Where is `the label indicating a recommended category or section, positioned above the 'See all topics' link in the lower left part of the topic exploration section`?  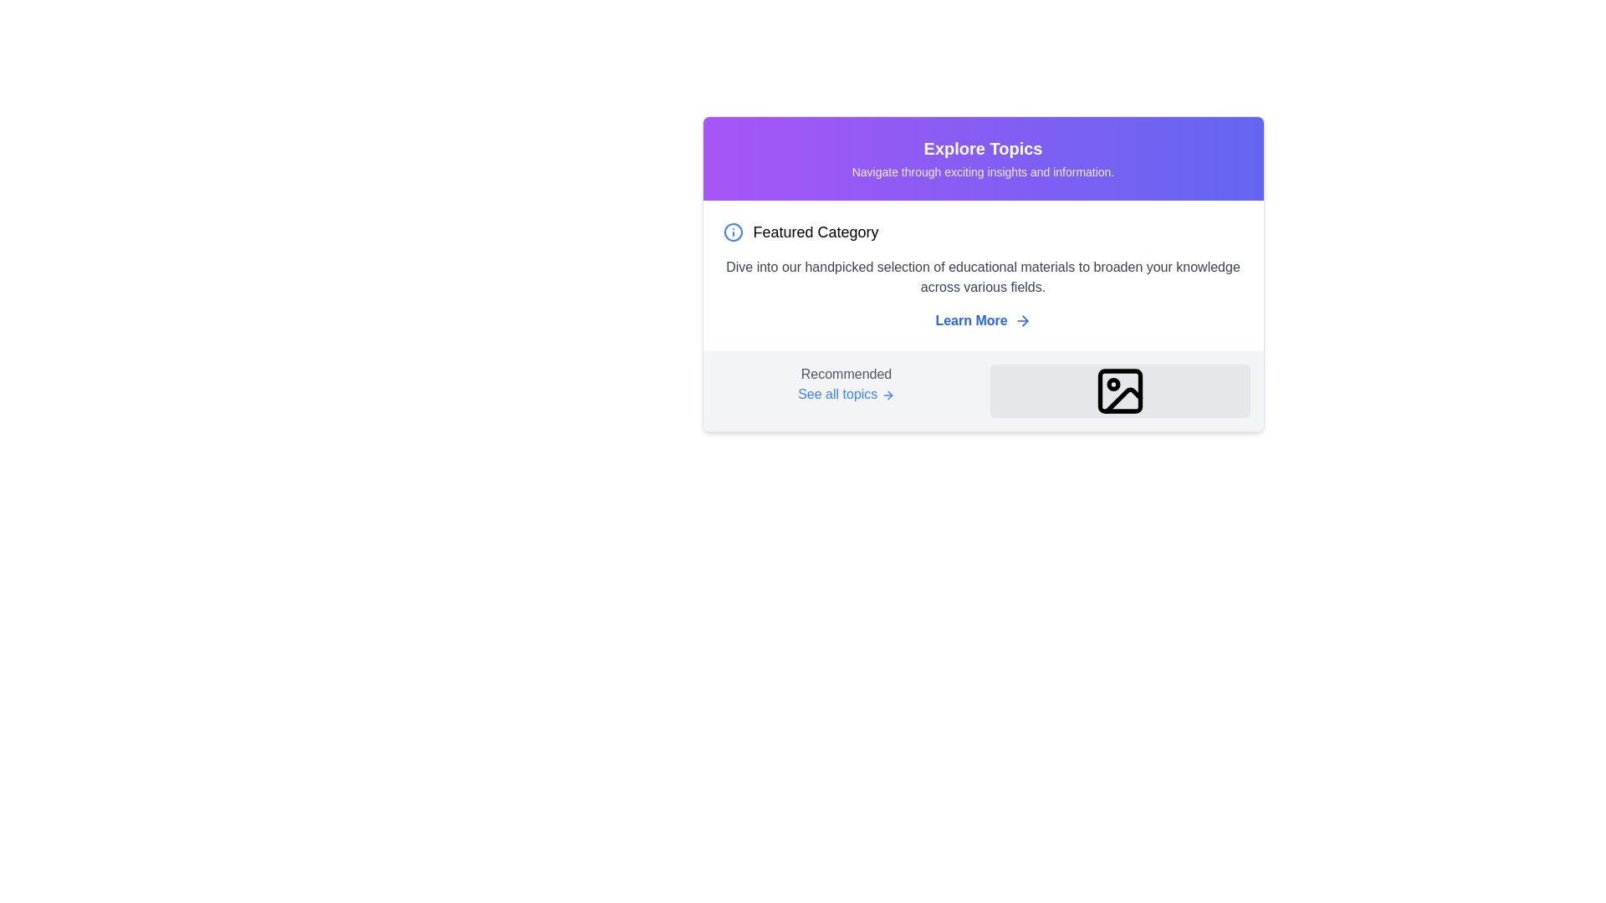 the label indicating a recommended category or section, positioned above the 'See all topics' link in the lower left part of the topic exploration section is located at coordinates (846, 373).